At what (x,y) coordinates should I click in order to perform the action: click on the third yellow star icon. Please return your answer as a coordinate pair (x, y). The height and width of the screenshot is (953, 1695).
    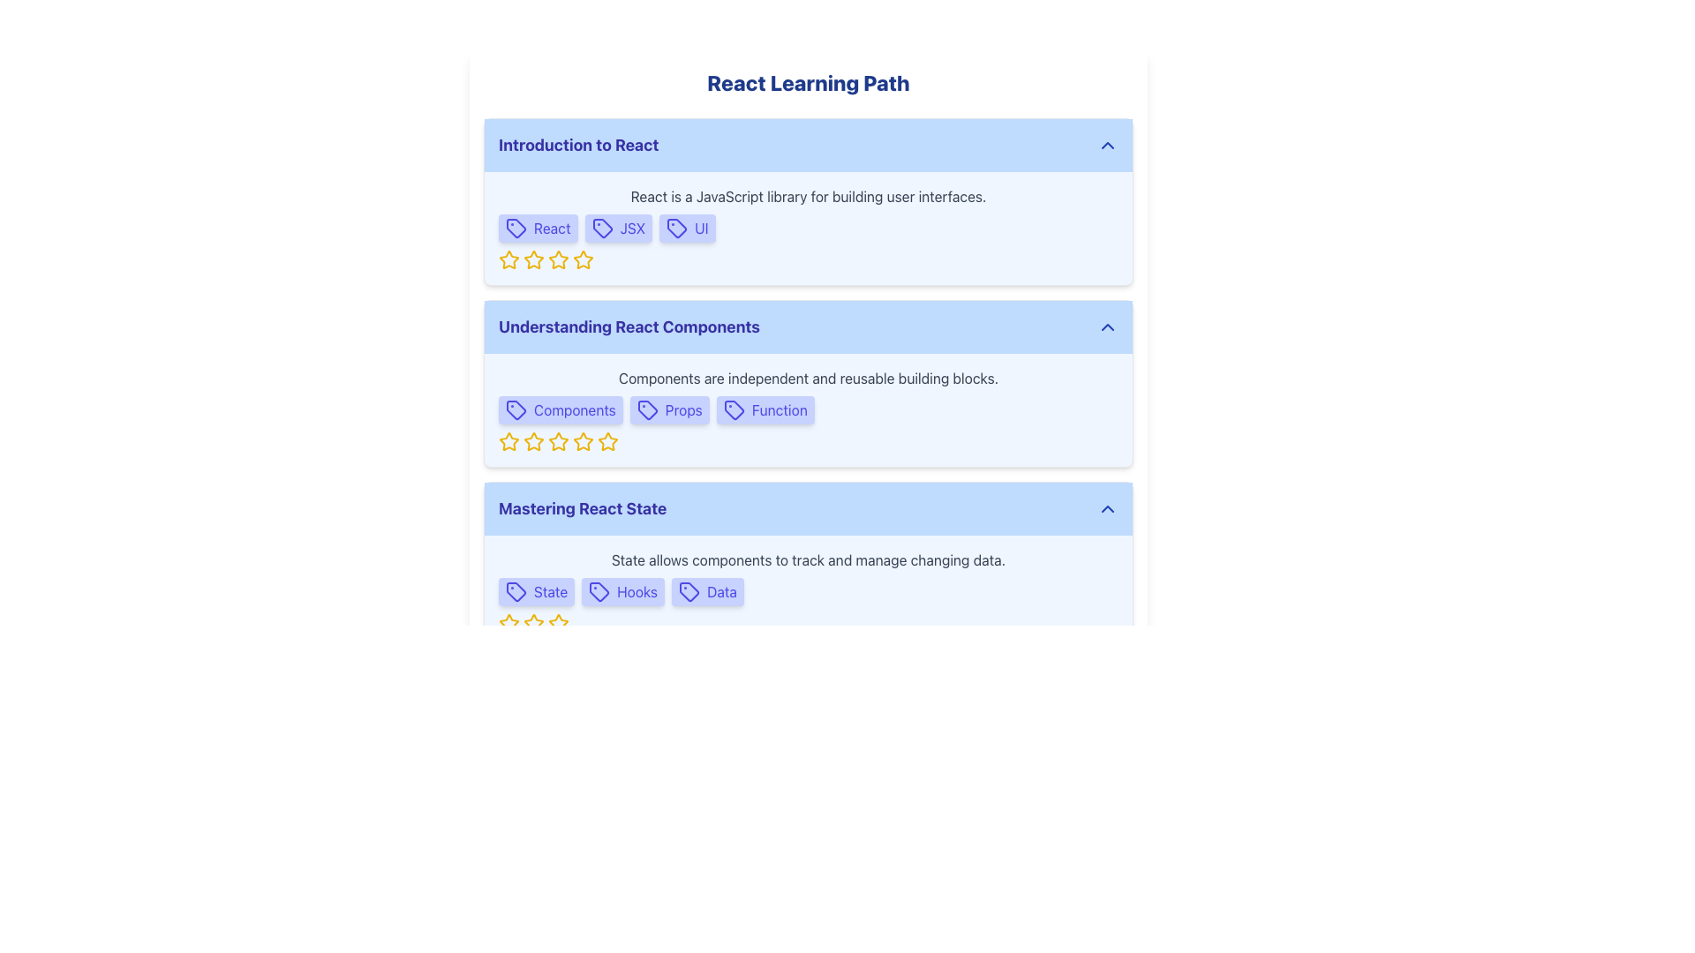
    Looking at the image, I should click on (532, 622).